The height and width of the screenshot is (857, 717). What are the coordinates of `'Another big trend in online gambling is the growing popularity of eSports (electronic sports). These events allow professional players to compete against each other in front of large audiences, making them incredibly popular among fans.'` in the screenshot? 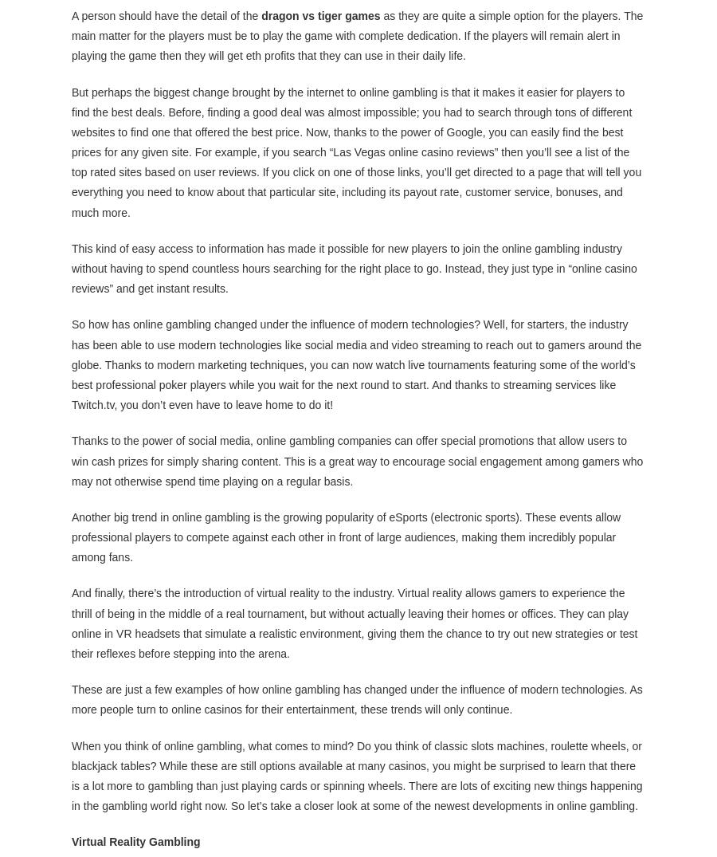 It's located at (71, 537).